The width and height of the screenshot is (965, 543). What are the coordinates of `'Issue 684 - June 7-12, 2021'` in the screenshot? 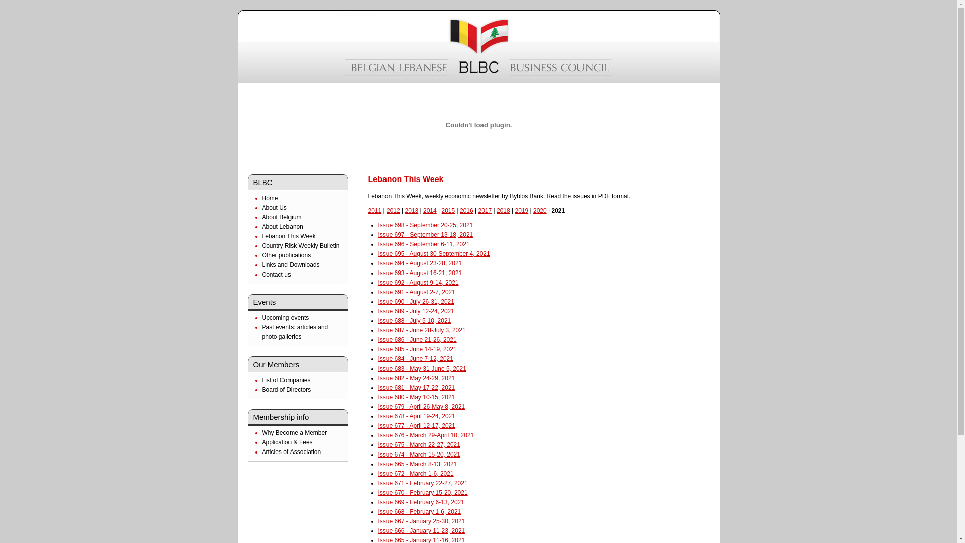 It's located at (415, 358).